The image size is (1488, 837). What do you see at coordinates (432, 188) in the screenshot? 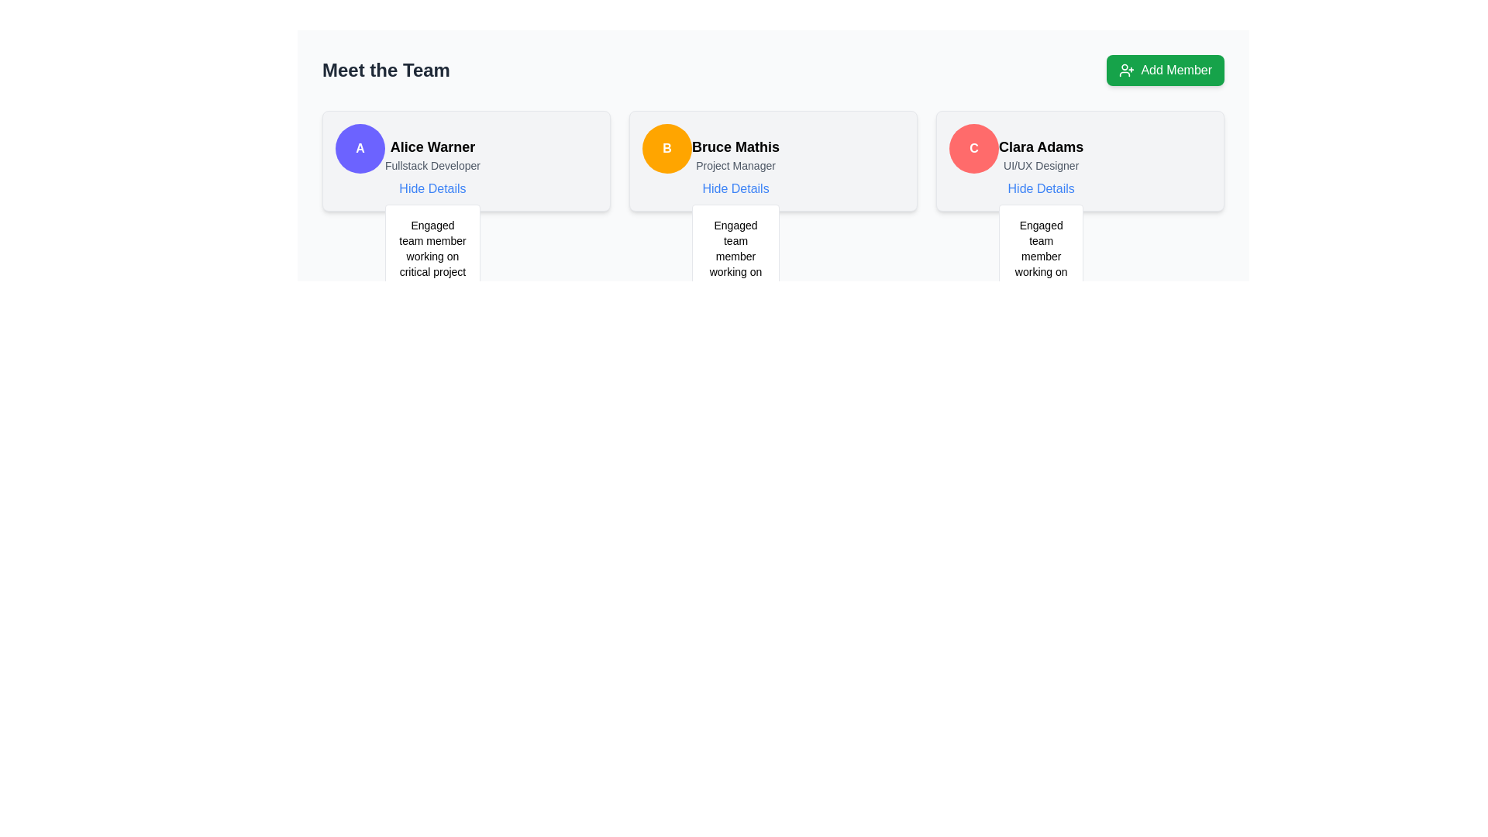
I see `the 'Hide Details' hyperlink styled in blue text, located below the header 'Alice Warner Fullstack Developer'` at bounding box center [432, 188].